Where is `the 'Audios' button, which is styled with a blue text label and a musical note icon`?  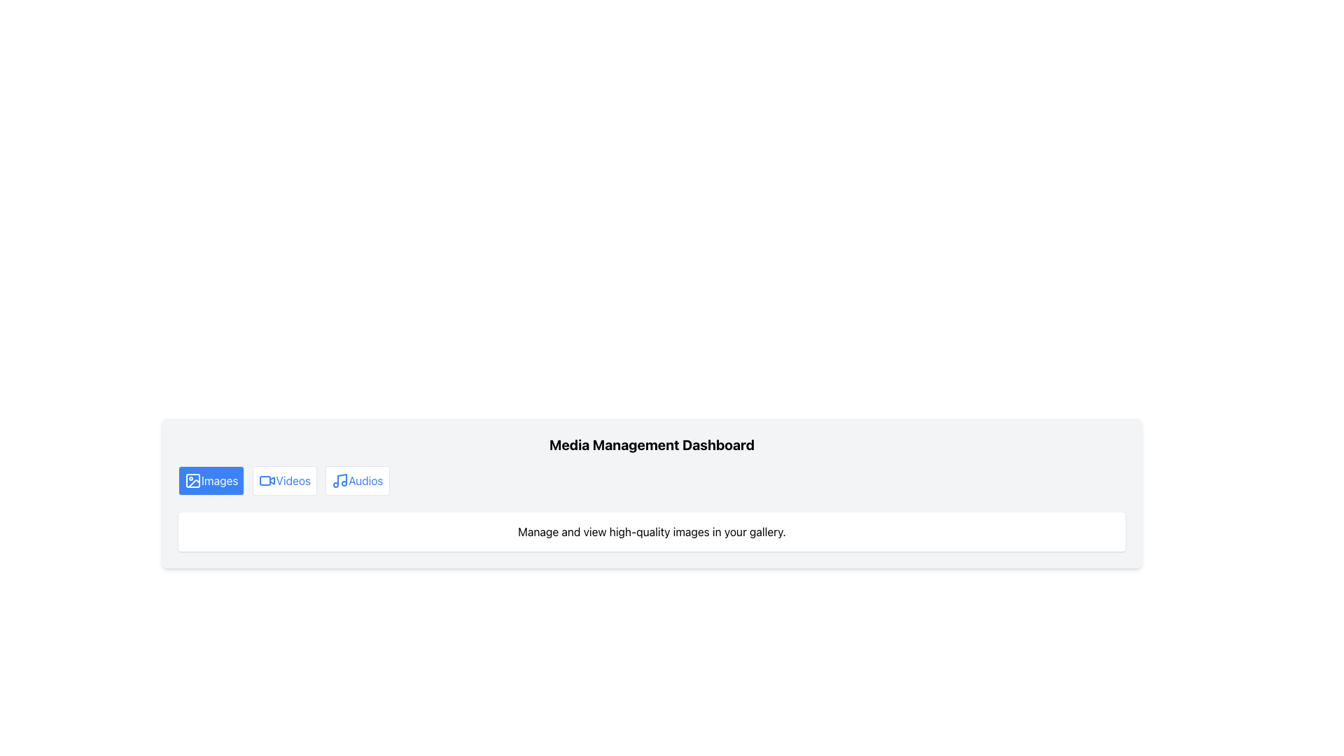
the 'Audios' button, which is styled with a blue text label and a musical note icon is located at coordinates (357, 479).